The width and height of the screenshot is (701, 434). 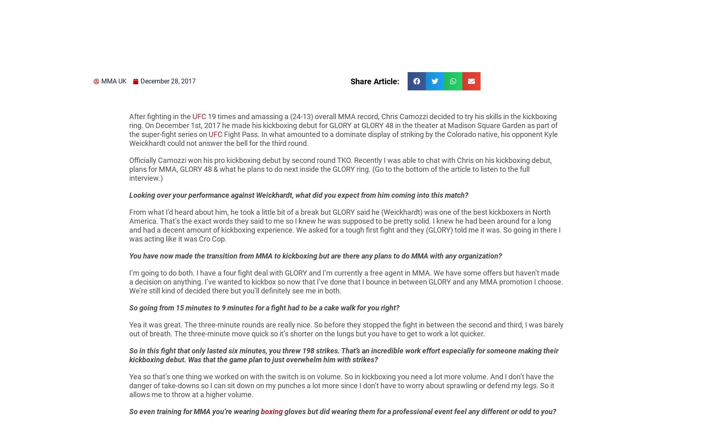 I want to click on 'Yea it was great. The three-minute rounds are really nice. So before they stopped the fight in between the second and third, I was barely out of breath. The three-minute move quick so it’s shorter on the lungs but you have to get to work a lot quicker.', so click(x=346, y=329).